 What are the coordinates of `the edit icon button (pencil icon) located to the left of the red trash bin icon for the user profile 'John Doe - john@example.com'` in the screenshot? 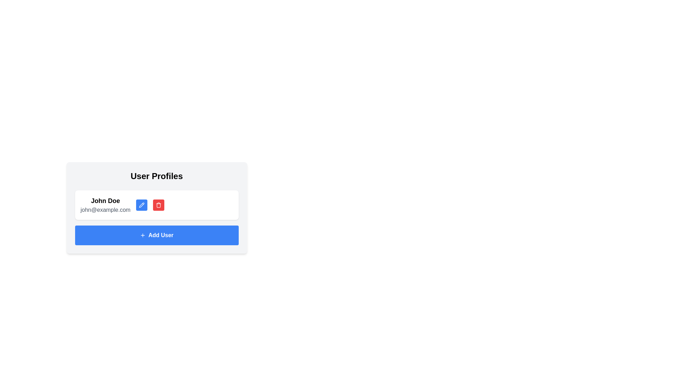 It's located at (141, 205).